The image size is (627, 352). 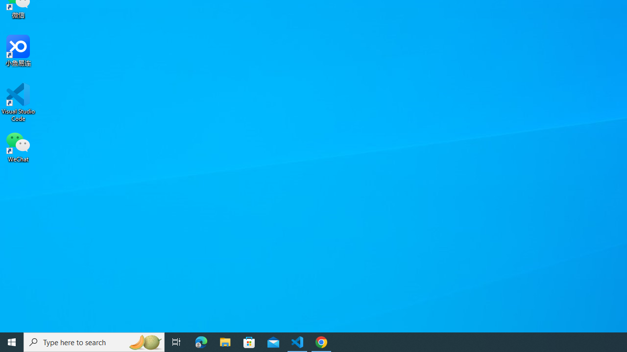 What do you see at coordinates (18, 102) in the screenshot?
I see `'Visual Studio Code'` at bounding box center [18, 102].